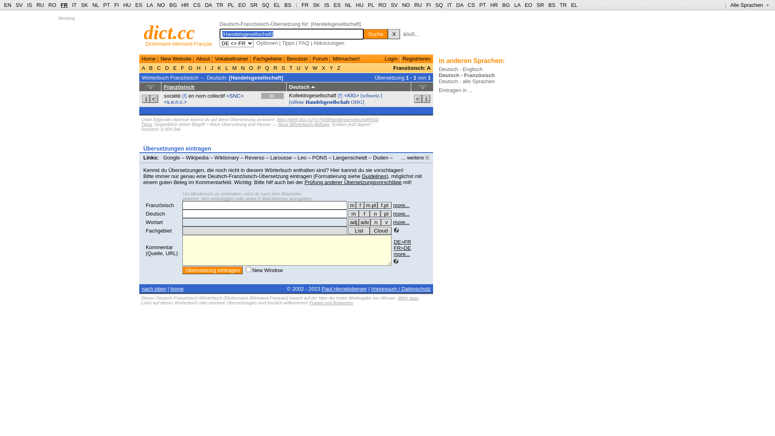  Describe the element at coordinates (267, 43) in the screenshot. I see `'Optionen'` at that location.